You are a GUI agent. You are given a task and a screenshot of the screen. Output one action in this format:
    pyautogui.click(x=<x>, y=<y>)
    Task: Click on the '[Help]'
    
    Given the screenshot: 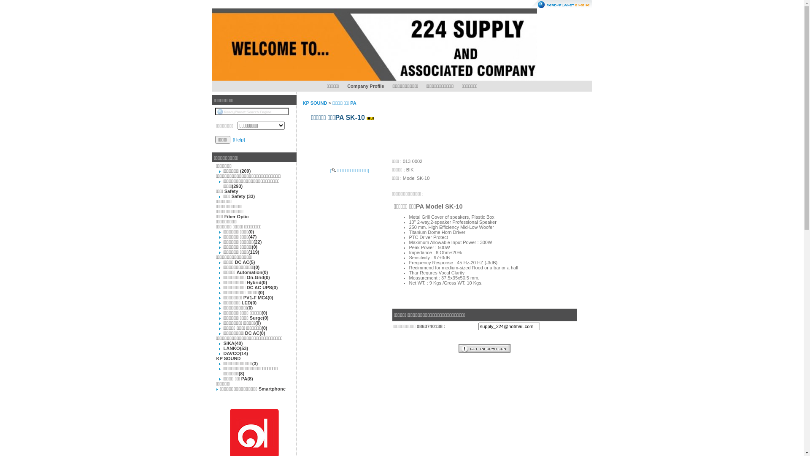 What is the action you would take?
    pyautogui.click(x=233, y=139)
    